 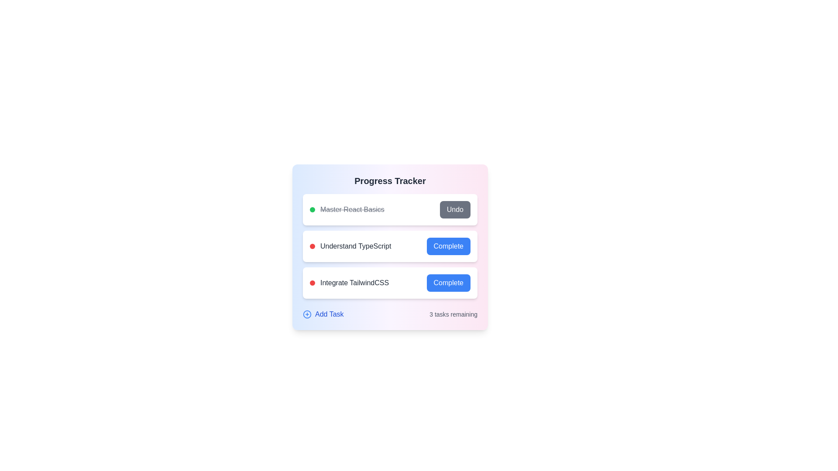 What do you see at coordinates (352, 210) in the screenshot?
I see `the text label 'Master React Basics' which is styled with a gray color and a line-through, indicating completion, located on the left side of the first row in the vertical task list under 'Progress Tracker'` at bounding box center [352, 210].